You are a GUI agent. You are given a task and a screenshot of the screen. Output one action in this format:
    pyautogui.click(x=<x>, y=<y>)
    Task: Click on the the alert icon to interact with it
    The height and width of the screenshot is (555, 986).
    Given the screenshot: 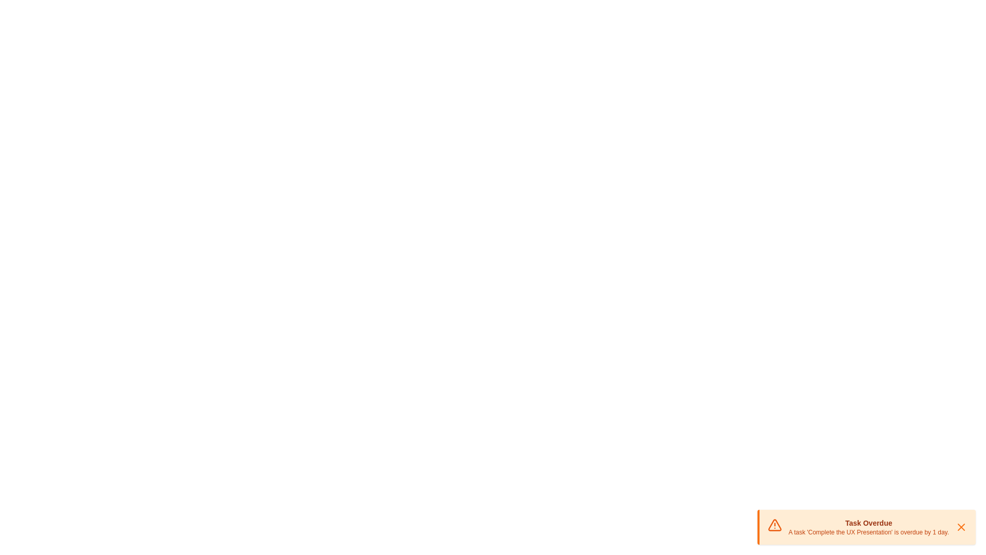 What is the action you would take?
    pyautogui.click(x=775, y=525)
    